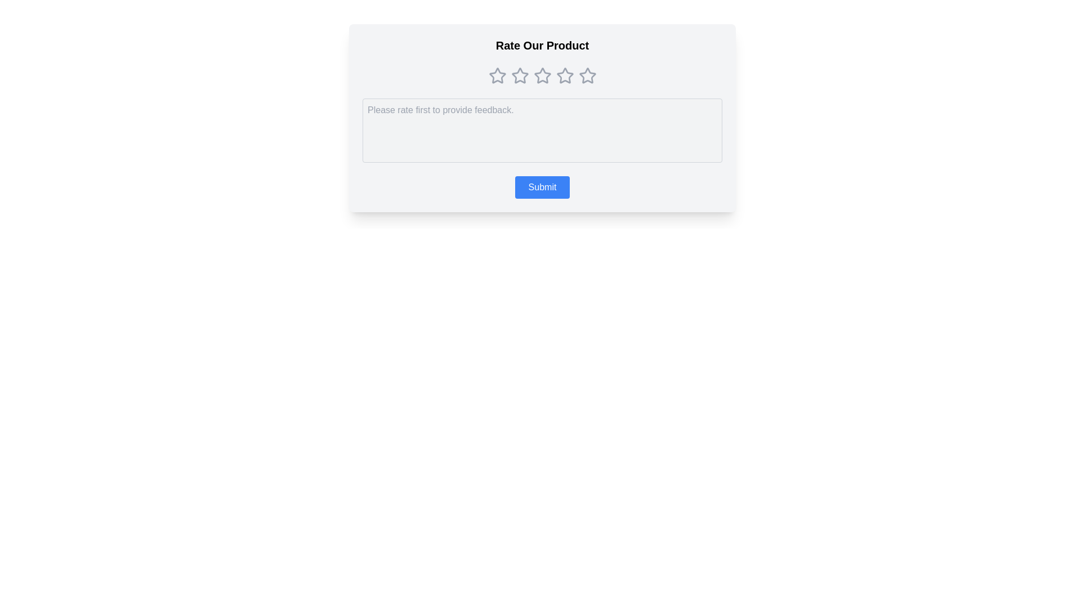  I want to click on the fourth star-shaped icon in the rating system, which is filled and selected, located beneath the title 'Rate Our Product', so click(565, 75).